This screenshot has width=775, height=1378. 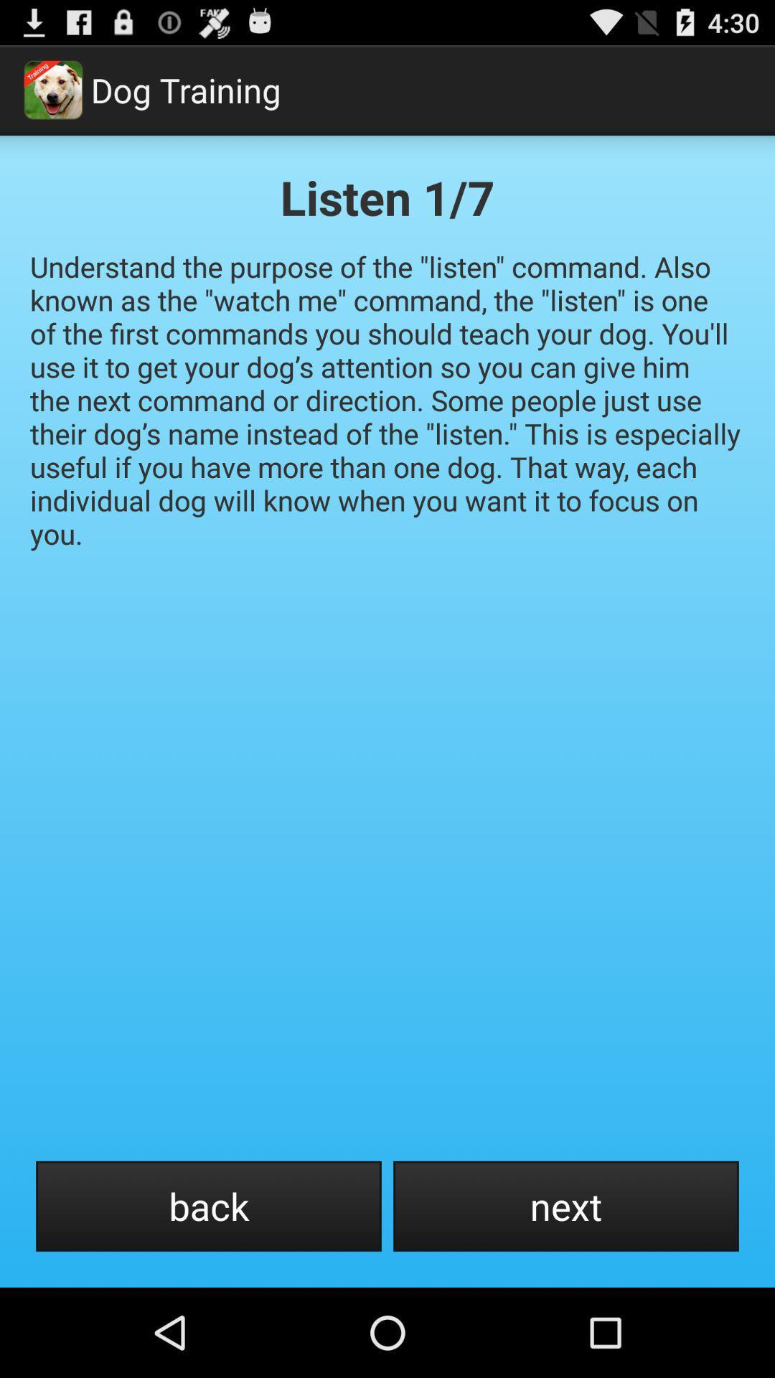 I want to click on button next to the back icon, so click(x=565, y=1206).